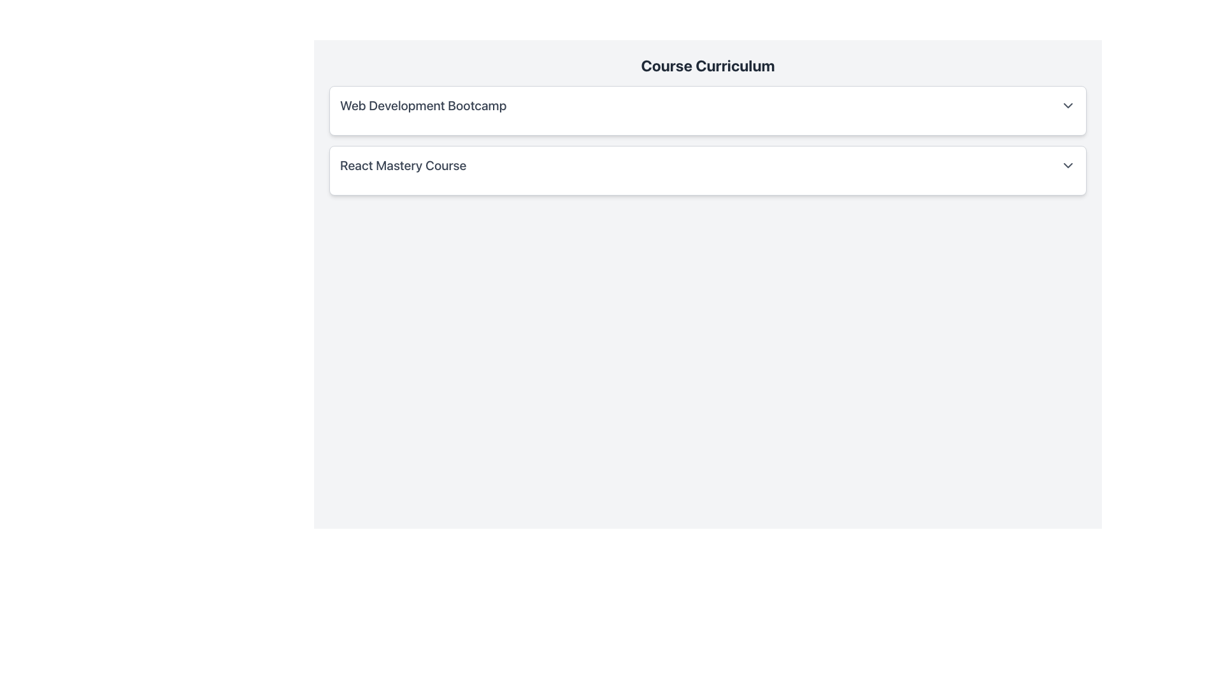 The width and height of the screenshot is (1223, 688). I want to click on the downward-pointing chevron icon located at the far right of the 'React Mastery Course' label, so click(1068, 164).